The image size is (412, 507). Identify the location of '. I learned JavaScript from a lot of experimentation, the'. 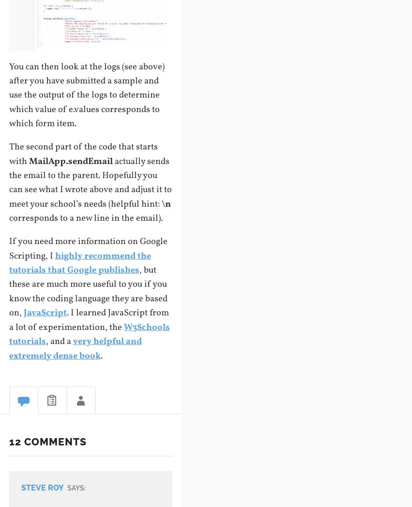
(88, 320).